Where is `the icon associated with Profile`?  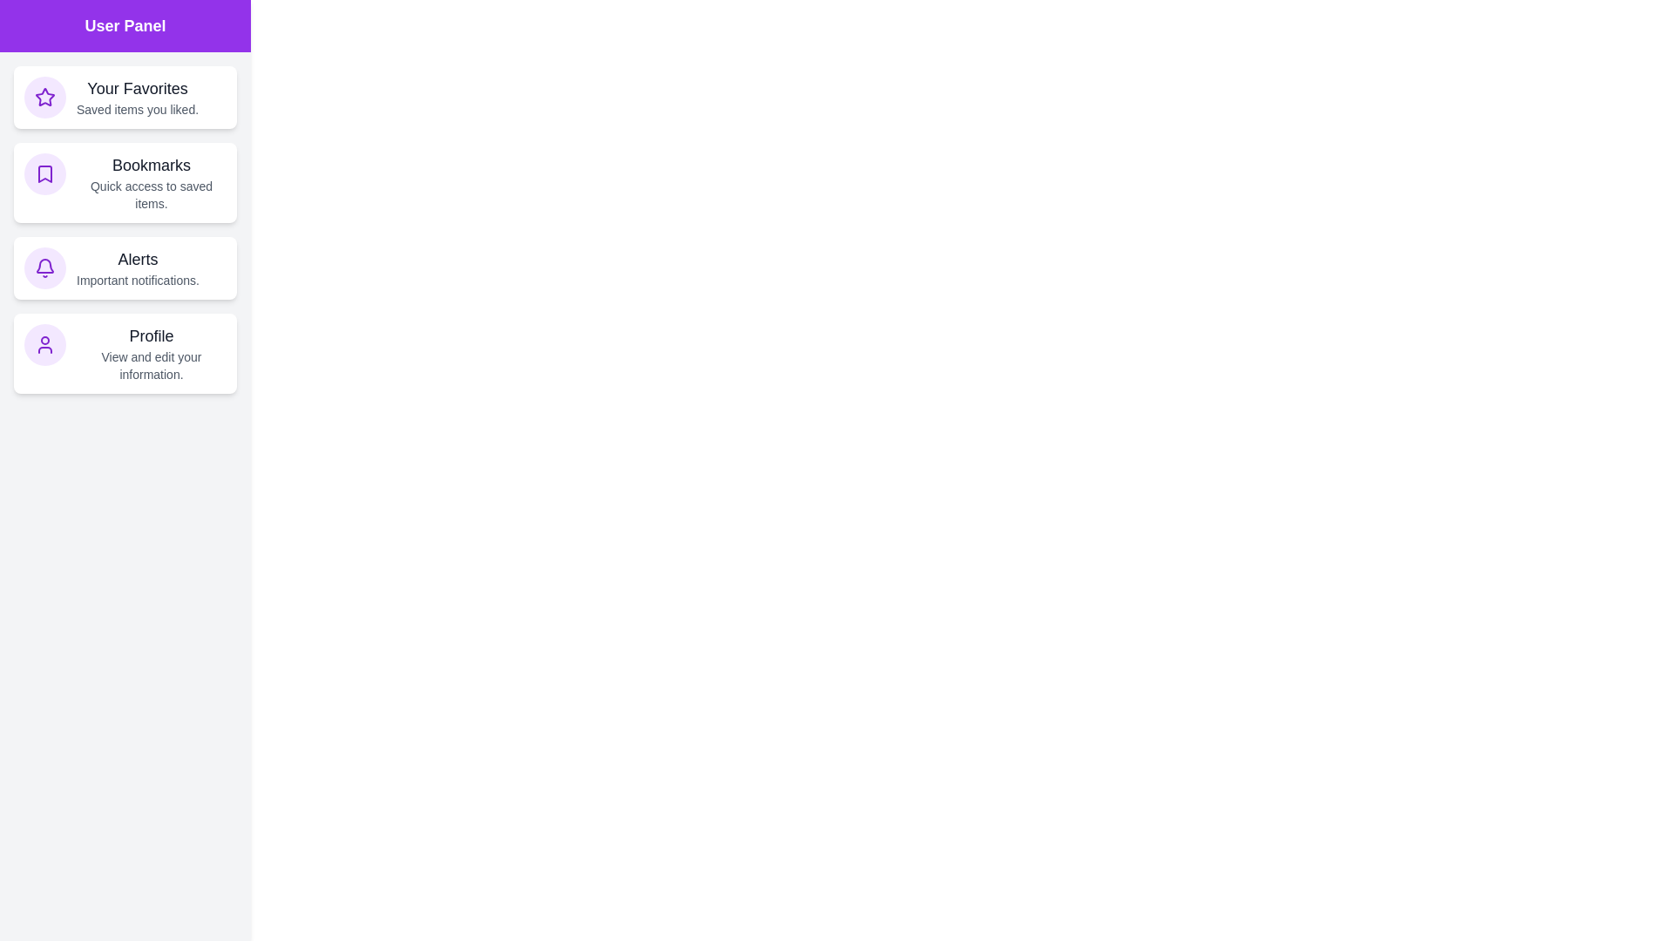 the icon associated with Profile is located at coordinates (45, 345).